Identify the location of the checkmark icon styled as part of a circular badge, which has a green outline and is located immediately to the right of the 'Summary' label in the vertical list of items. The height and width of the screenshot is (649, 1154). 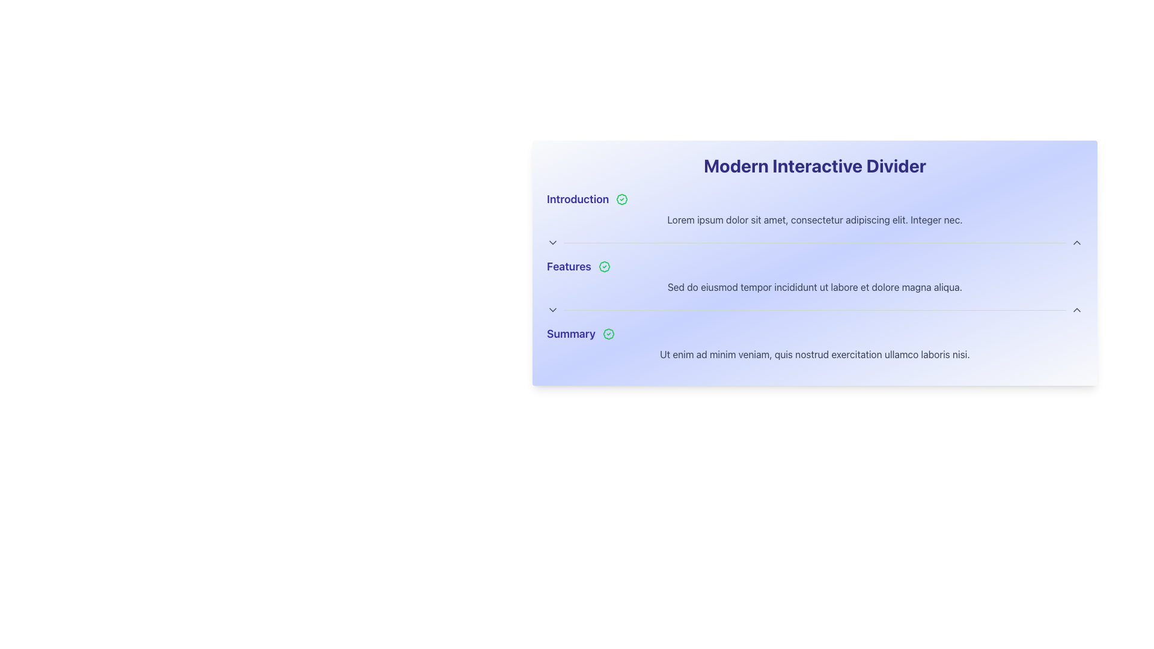
(608, 334).